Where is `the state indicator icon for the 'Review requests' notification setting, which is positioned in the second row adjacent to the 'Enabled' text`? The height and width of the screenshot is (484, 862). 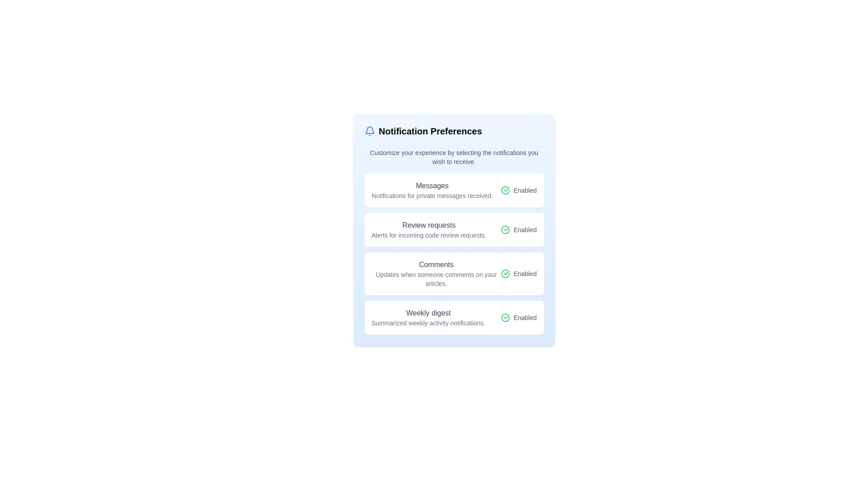 the state indicator icon for the 'Review requests' notification setting, which is positioned in the second row adjacent to the 'Enabled' text is located at coordinates (506, 229).